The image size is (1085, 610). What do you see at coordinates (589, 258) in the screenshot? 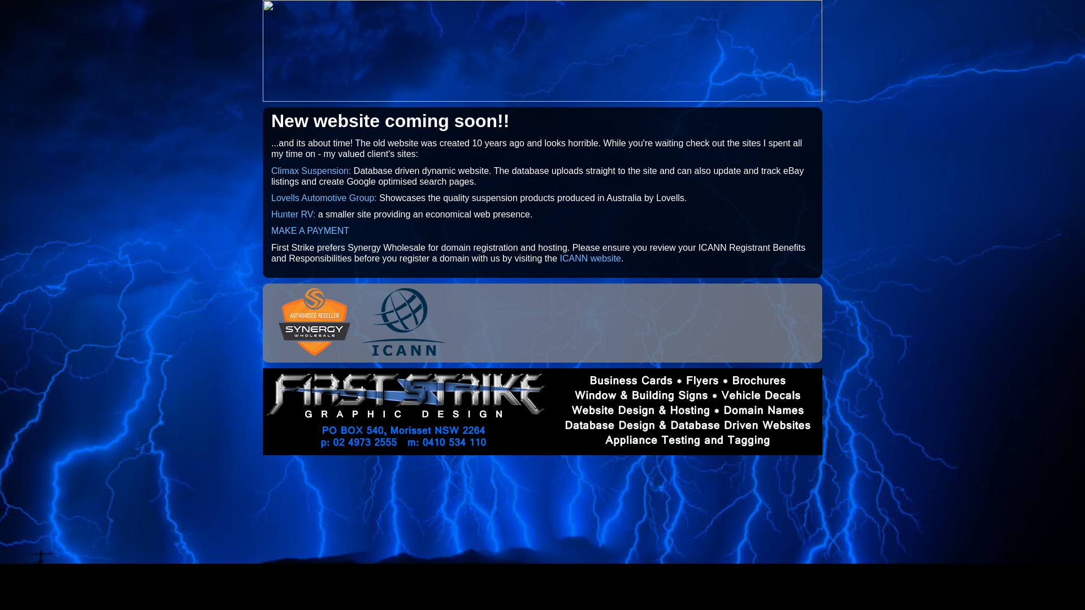
I see `'ICANN website'` at bounding box center [589, 258].